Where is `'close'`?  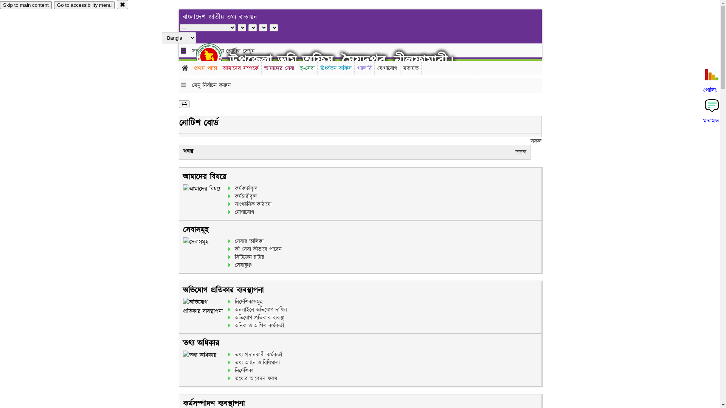
'close' is located at coordinates (123, 4).